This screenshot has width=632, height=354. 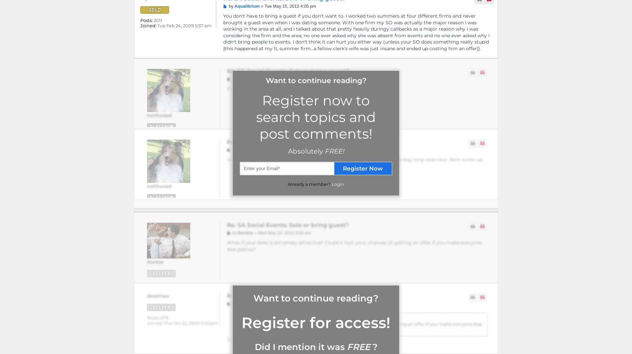 What do you see at coordinates (358, 347) in the screenshot?
I see `'FREE'` at bounding box center [358, 347].